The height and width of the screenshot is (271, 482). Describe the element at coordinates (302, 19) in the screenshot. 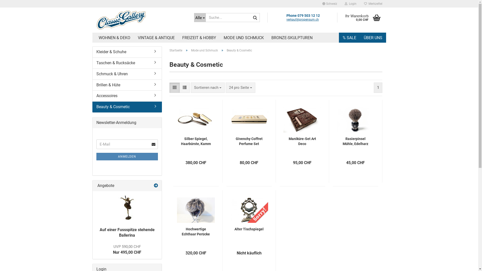

I see `'verkauf@propensum.ch'` at that location.